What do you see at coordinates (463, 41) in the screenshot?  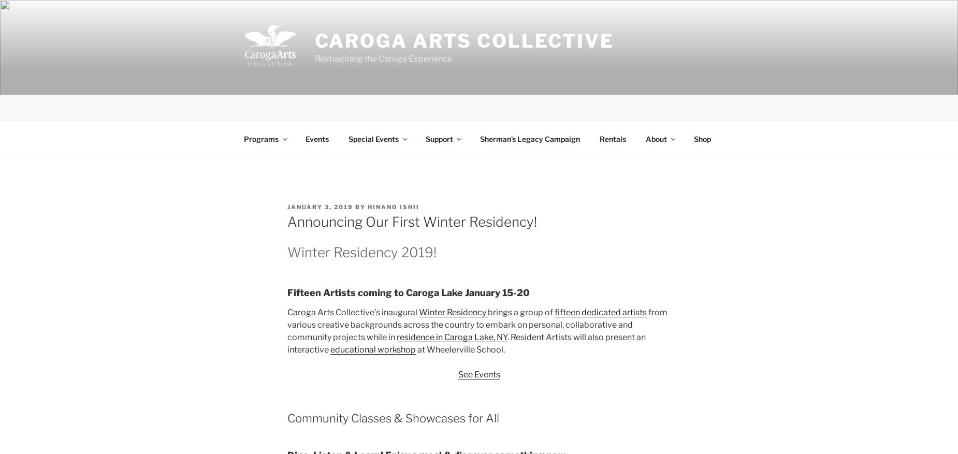 I see `'Caroga Arts Collective'` at bounding box center [463, 41].